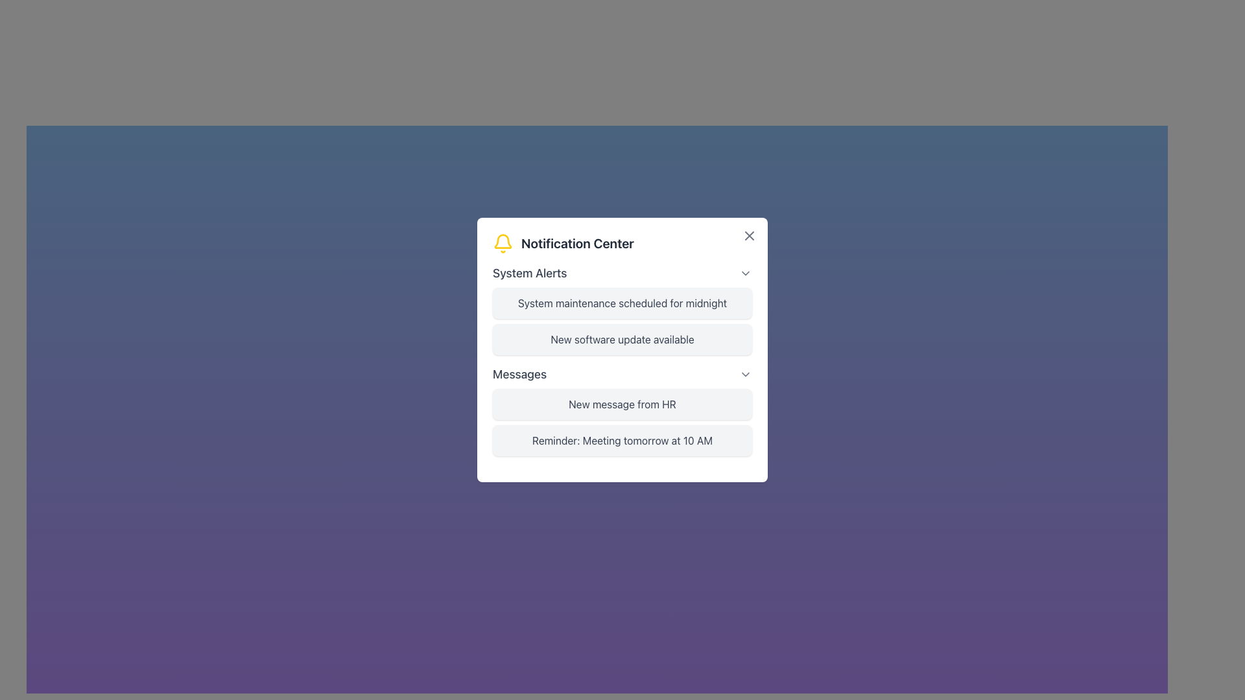 The height and width of the screenshot is (700, 1245). Describe the element at coordinates (622, 410) in the screenshot. I see `the first Notification Card under the 'Messages' header in the notification area` at that location.